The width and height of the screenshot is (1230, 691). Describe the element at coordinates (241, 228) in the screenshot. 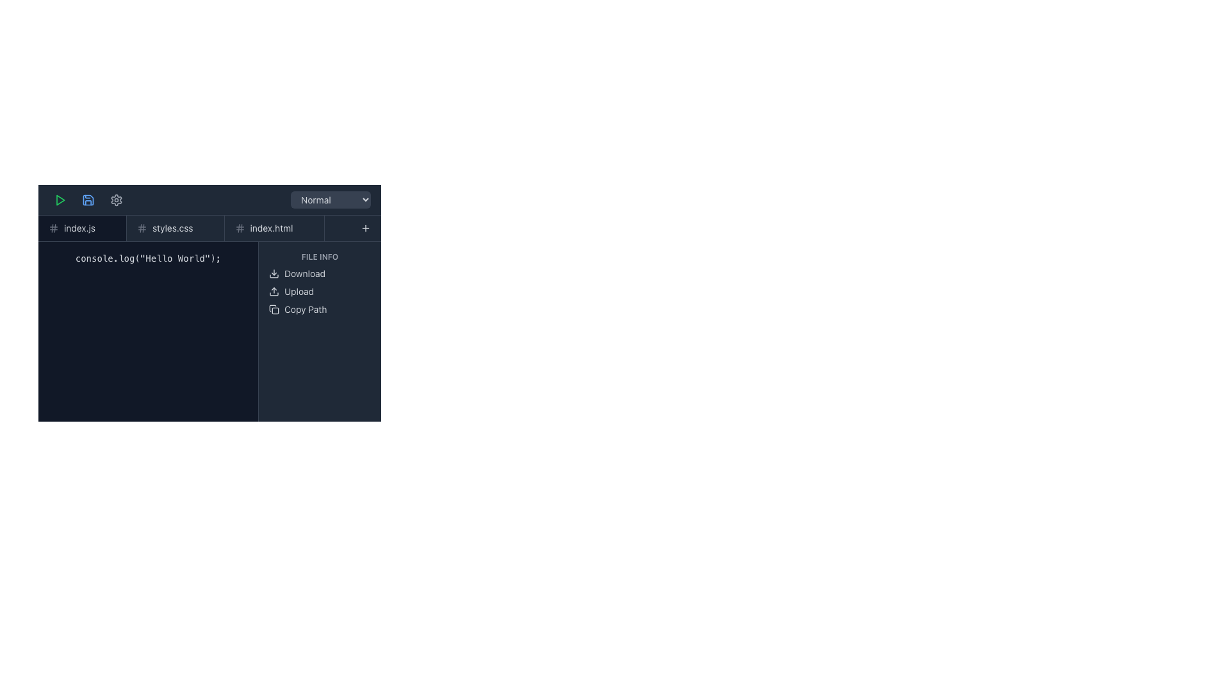

I see `fourth vertical line of the hash symbol in the navigation header, which is a decorative line component within an SVG` at that location.